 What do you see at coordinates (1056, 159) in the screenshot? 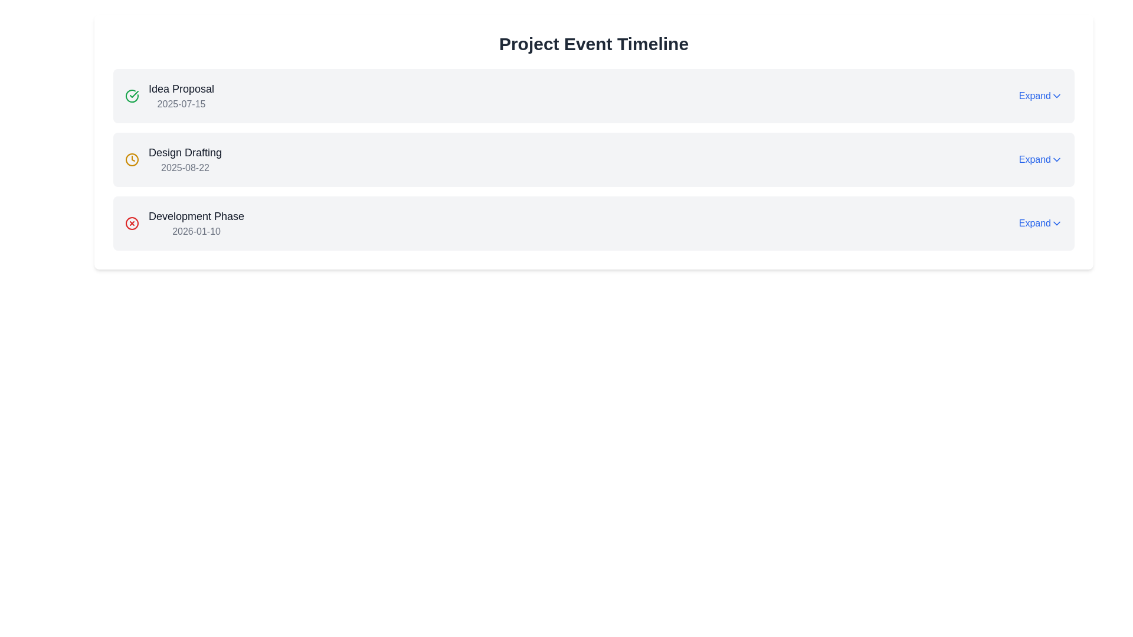
I see `the downward arrow icon next to the 'Expand' label in the second item of the event timeline list` at bounding box center [1056, 159].